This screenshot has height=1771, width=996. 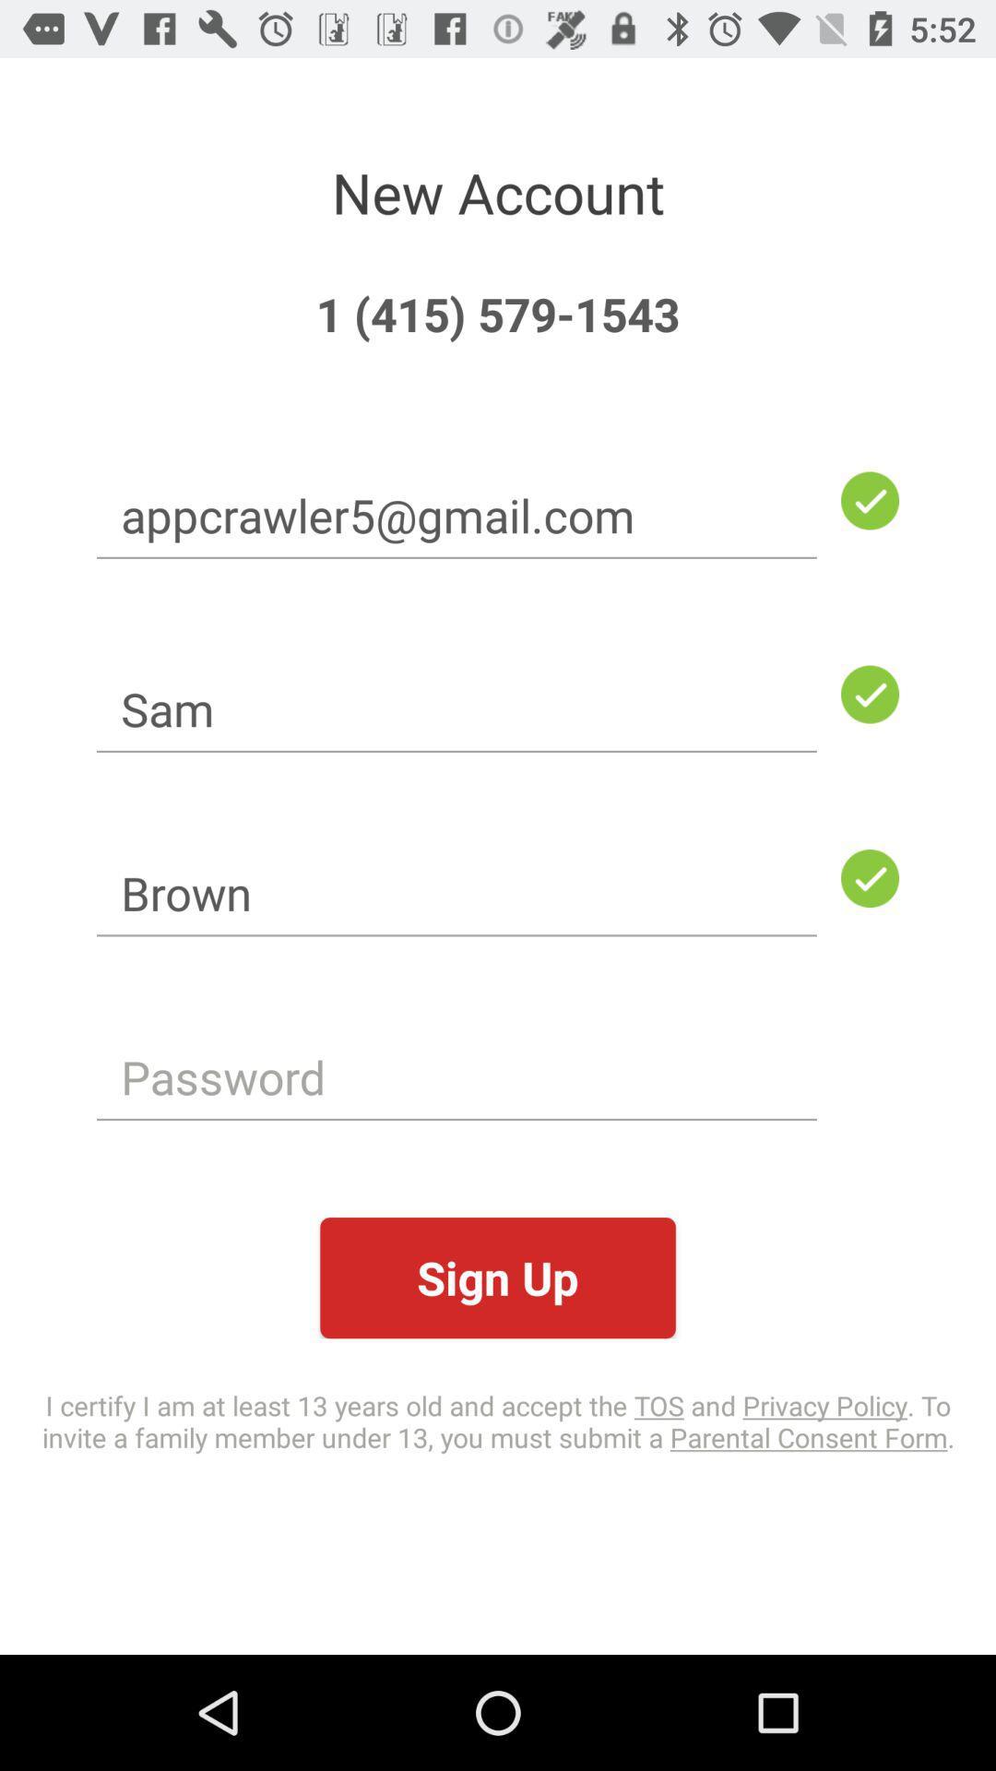 I want to click on the icon above sam item, so click(x=456, y=515).